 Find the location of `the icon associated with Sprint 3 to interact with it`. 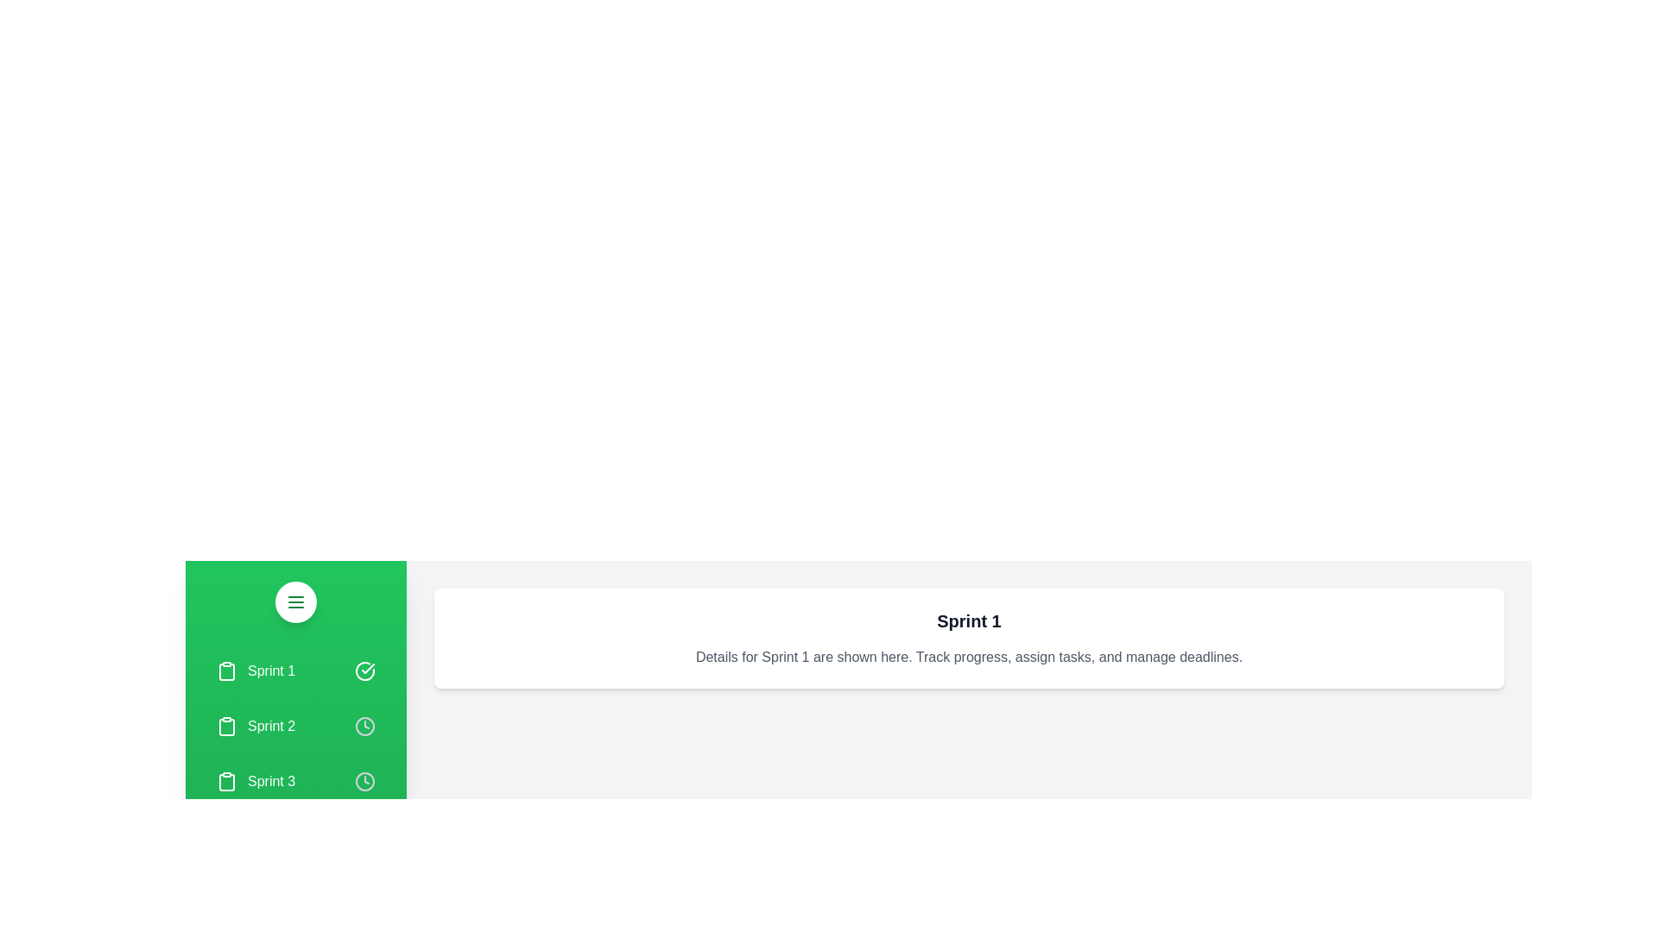

the icon associated with Sprint 3 to interact with it is located at coordinates (364, 782).